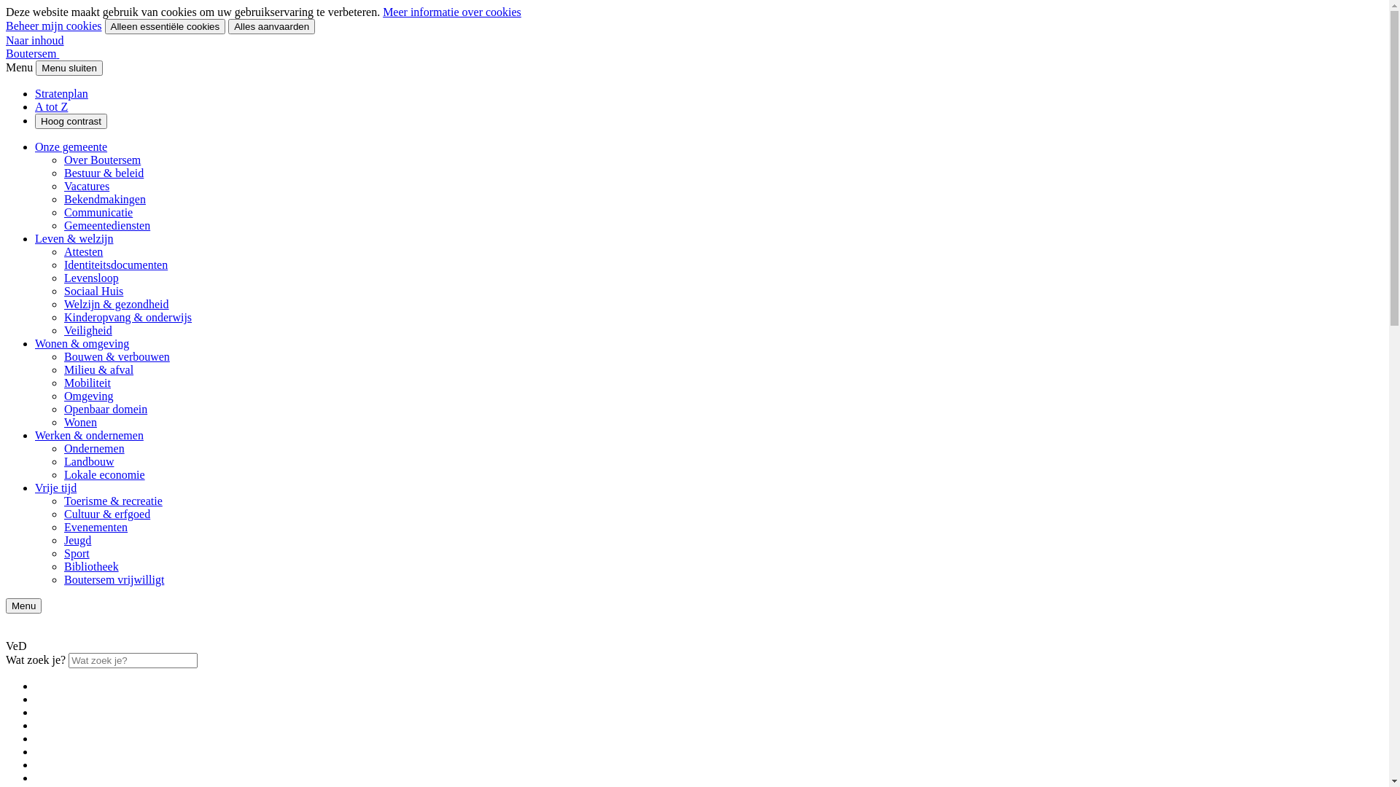 This screenshot has width=1400, height=787. Describe the element at coordinates (23, 606) in the screenshot. I see `'Menu'` at that location.